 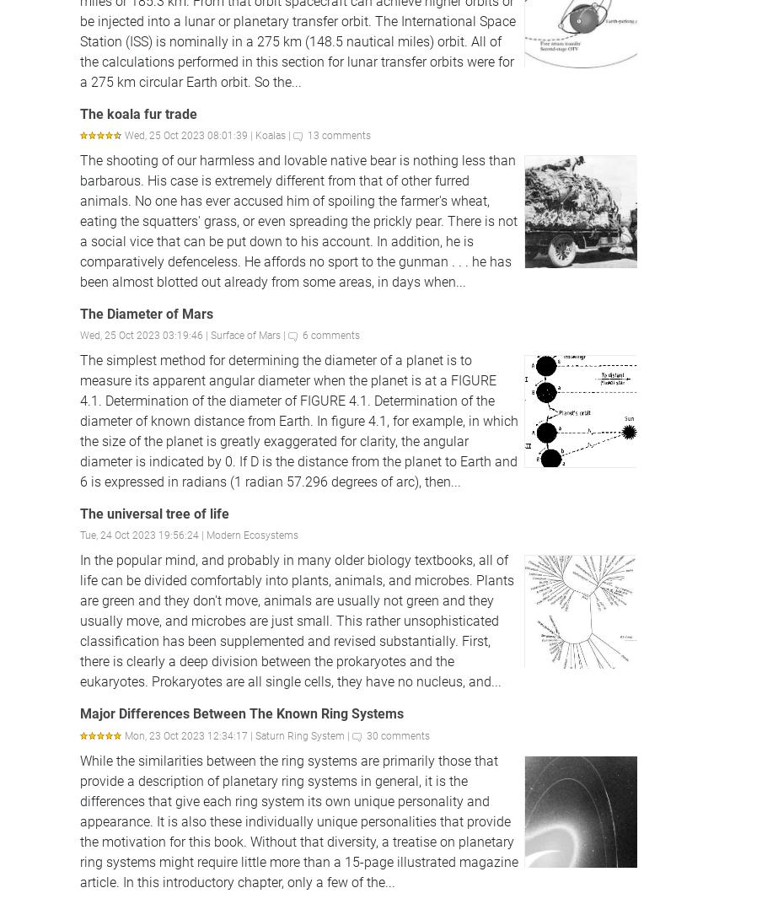 I want to click on '30 comments', so click(x=397, y=734).